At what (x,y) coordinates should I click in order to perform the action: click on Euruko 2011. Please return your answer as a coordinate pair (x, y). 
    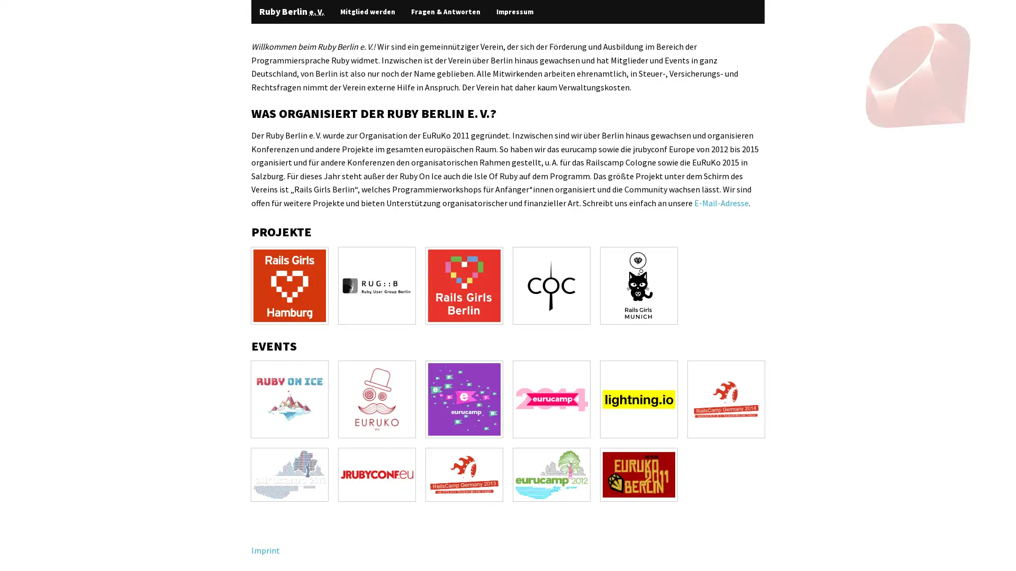
    Looking at the image, I should click on (638, 474).